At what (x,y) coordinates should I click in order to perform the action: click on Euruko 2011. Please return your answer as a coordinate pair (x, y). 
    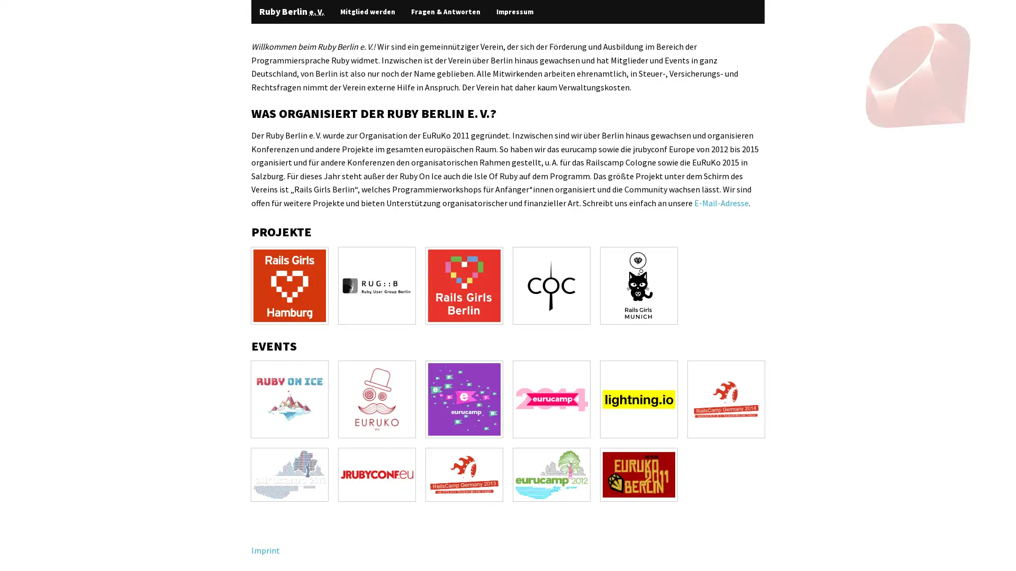
    Looking at the image, I should click on (638, 474).